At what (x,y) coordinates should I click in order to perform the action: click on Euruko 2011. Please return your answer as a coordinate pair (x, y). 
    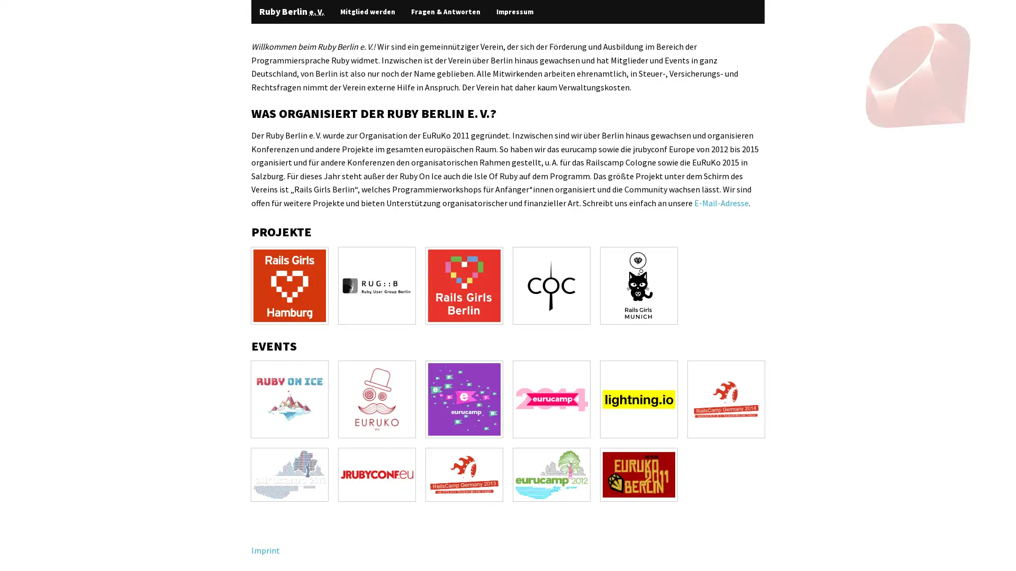
    Looking at the image, I should click on (638, 474).